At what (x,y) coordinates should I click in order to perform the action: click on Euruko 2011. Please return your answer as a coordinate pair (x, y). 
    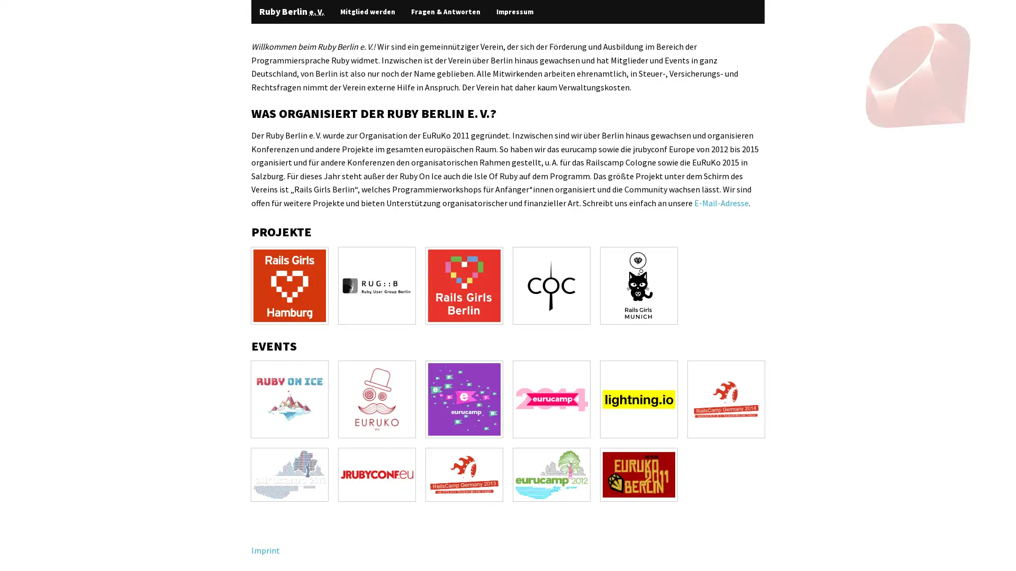
    Looking at the image, I should click on (638, 474).